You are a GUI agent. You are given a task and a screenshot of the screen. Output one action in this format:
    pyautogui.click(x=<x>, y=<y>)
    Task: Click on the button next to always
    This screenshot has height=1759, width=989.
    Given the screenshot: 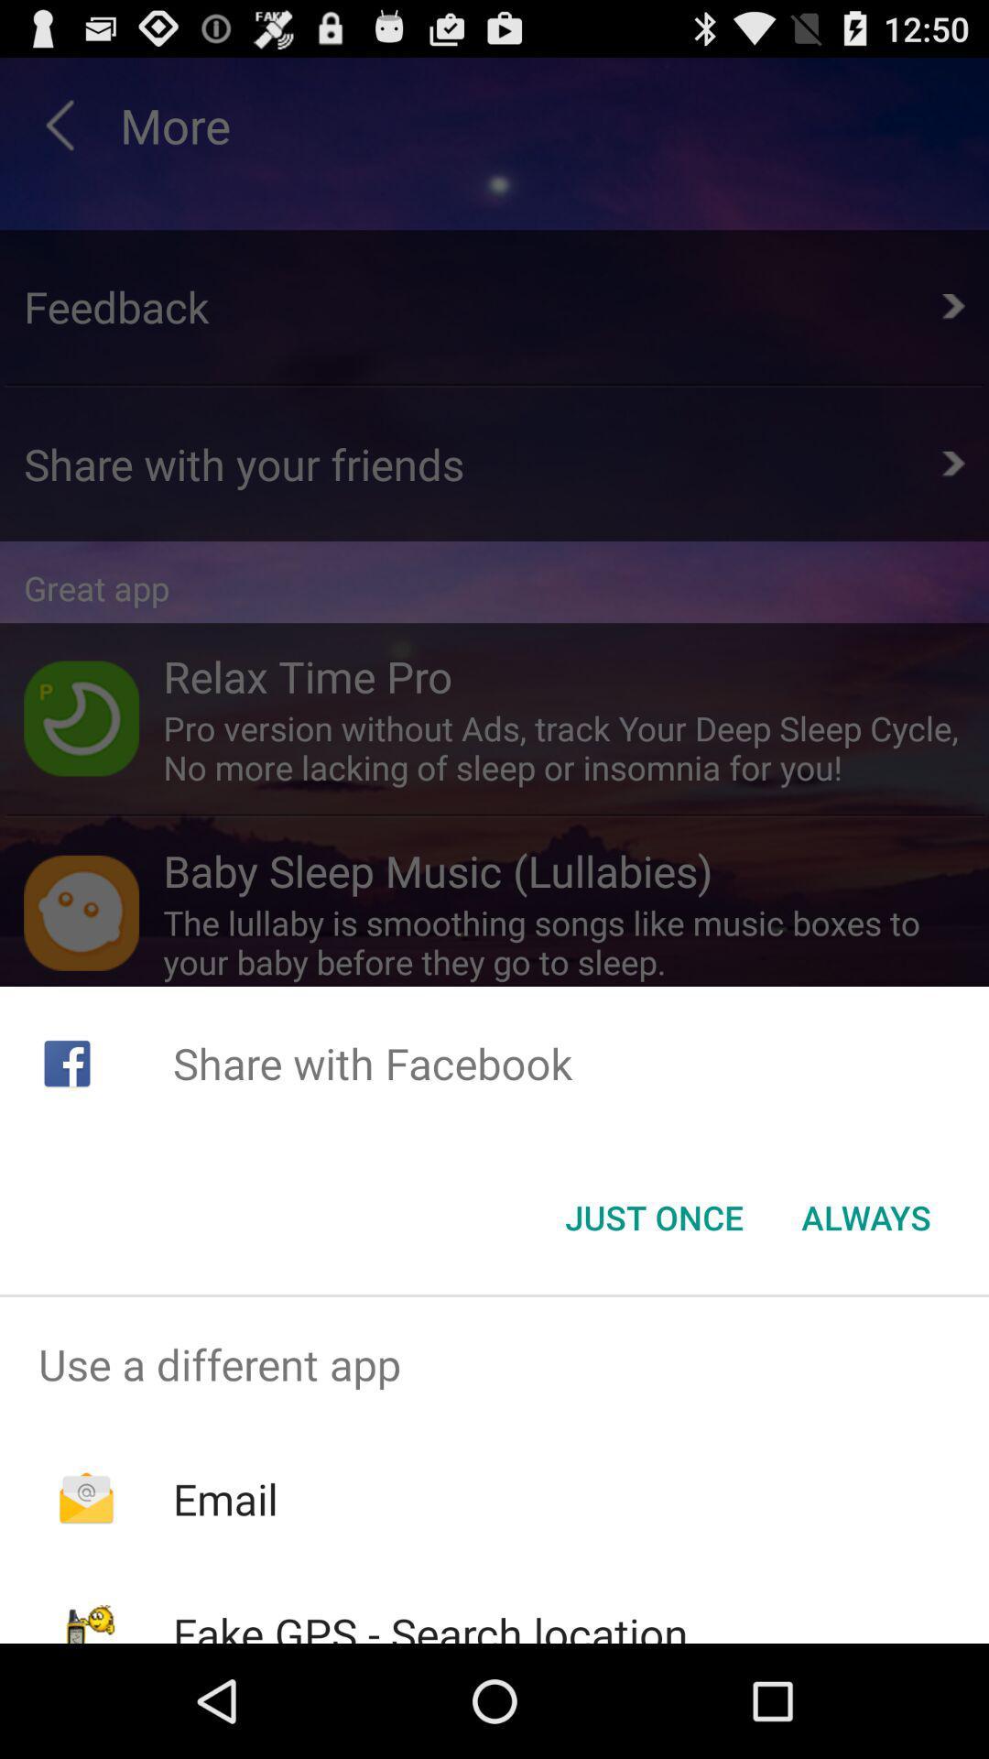 What is the action you would take?
    pyautogui.click(x=653, y=1218)
    